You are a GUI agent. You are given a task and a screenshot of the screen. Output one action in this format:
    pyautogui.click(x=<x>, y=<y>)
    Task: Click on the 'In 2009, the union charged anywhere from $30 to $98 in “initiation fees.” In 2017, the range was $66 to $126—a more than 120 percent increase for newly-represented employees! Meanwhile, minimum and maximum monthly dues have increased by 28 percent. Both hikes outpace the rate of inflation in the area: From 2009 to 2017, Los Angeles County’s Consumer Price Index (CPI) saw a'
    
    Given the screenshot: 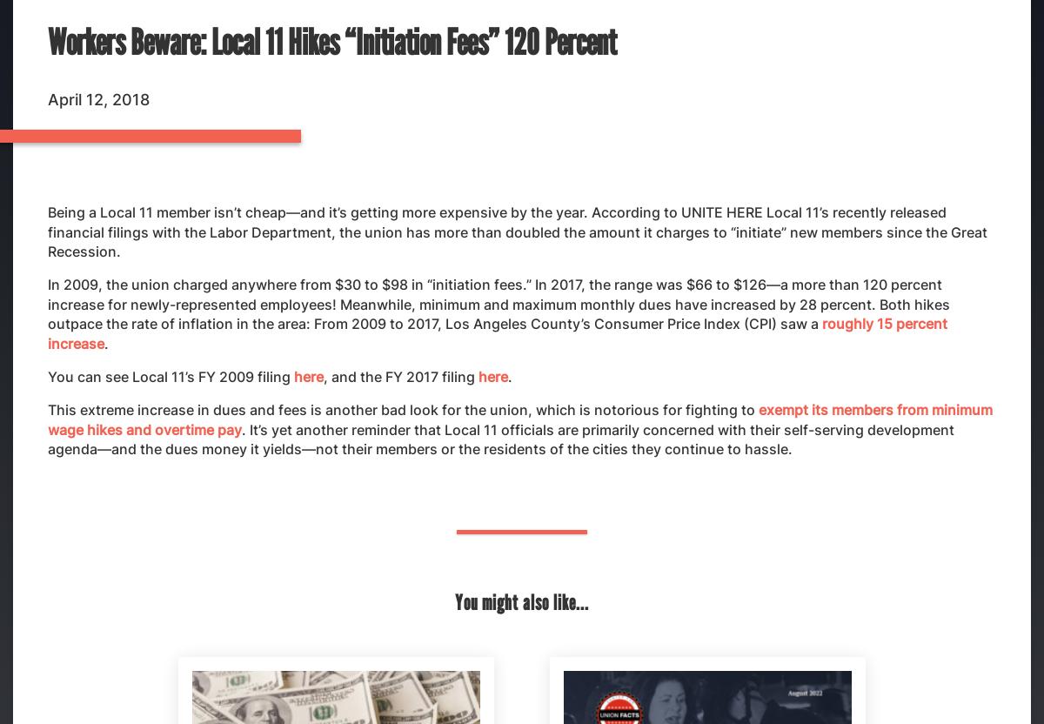 What is the action you would take?
    pyautogui.click(x=47, y=304)
    